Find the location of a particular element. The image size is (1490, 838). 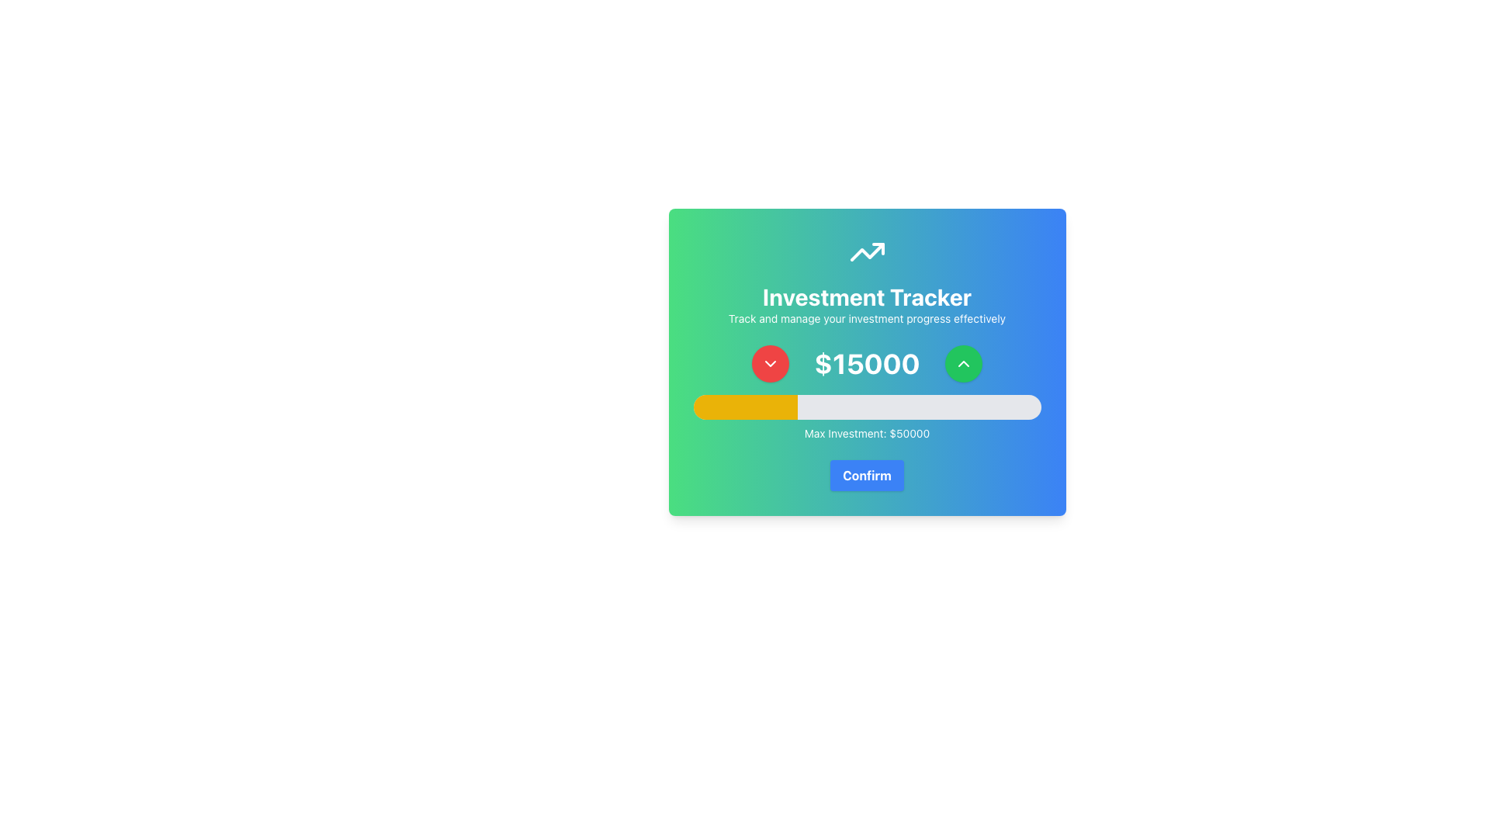

progress is located at coordinates (745, 406).